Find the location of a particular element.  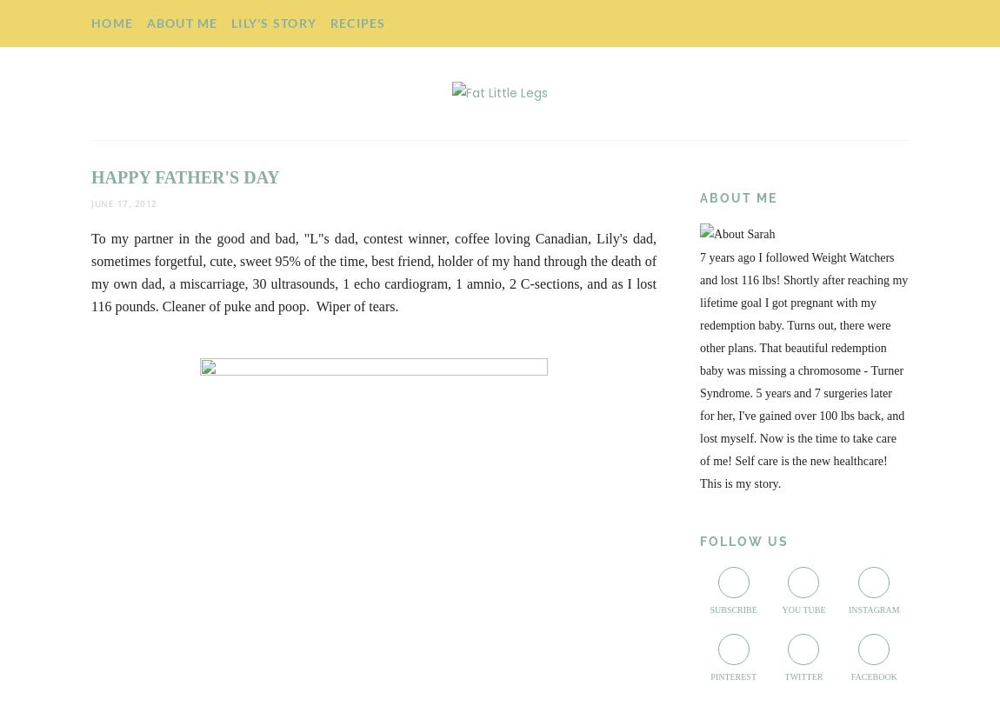

'Subscribe' is located at coordinates (731, 609).